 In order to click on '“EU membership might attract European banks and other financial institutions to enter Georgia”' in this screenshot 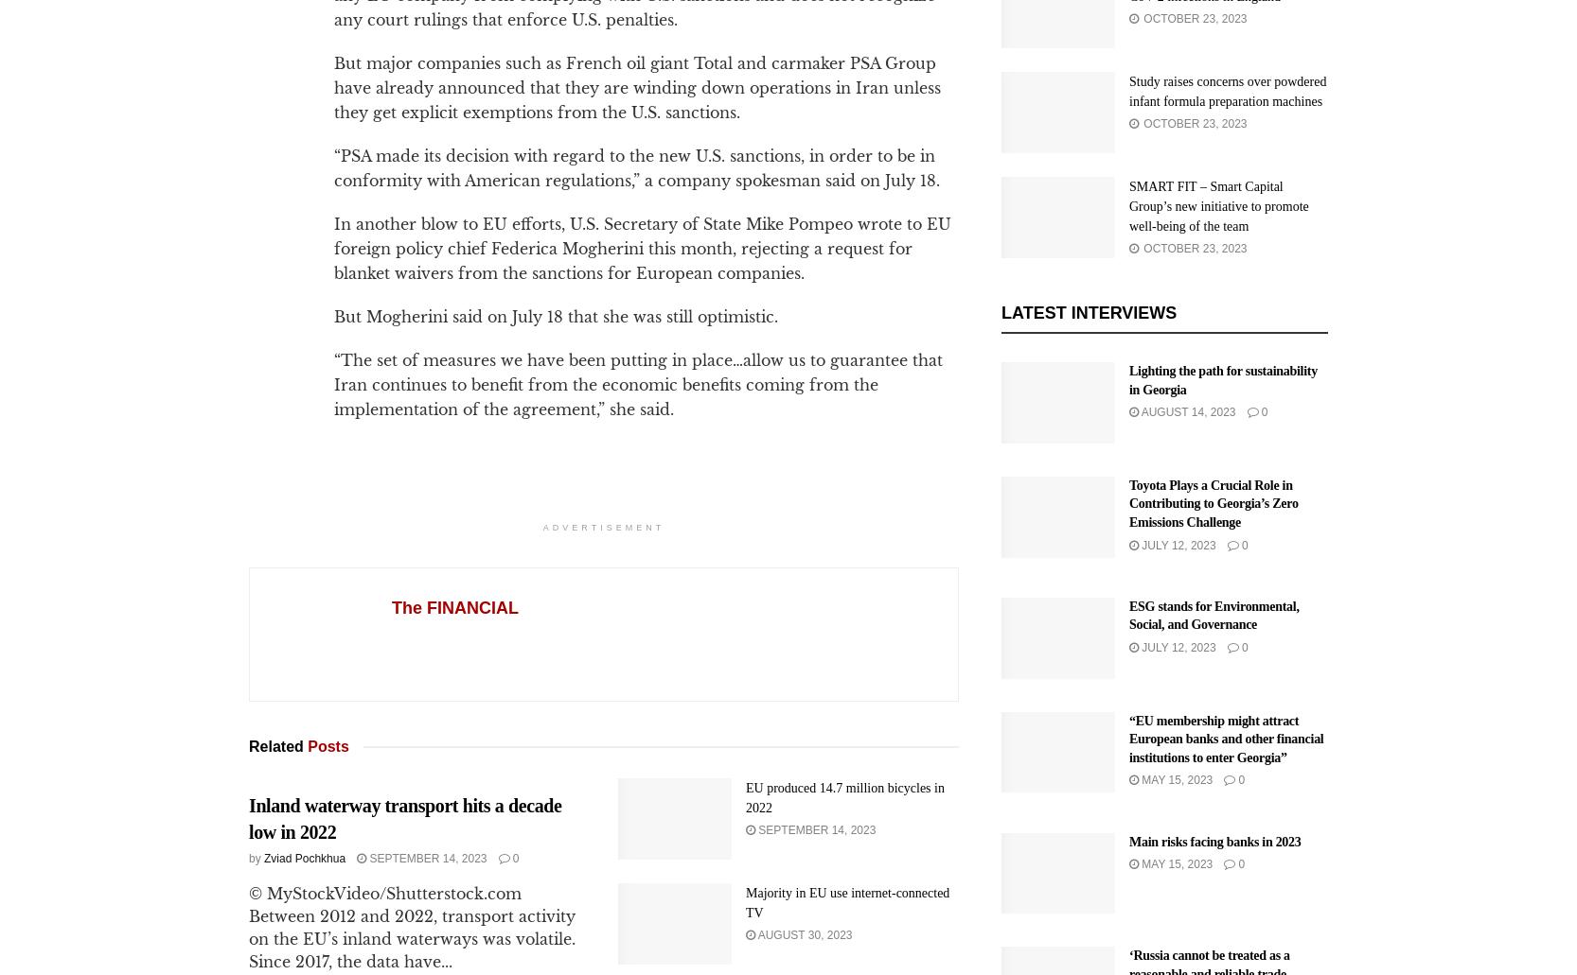, I will do `click(1129, 737)`.